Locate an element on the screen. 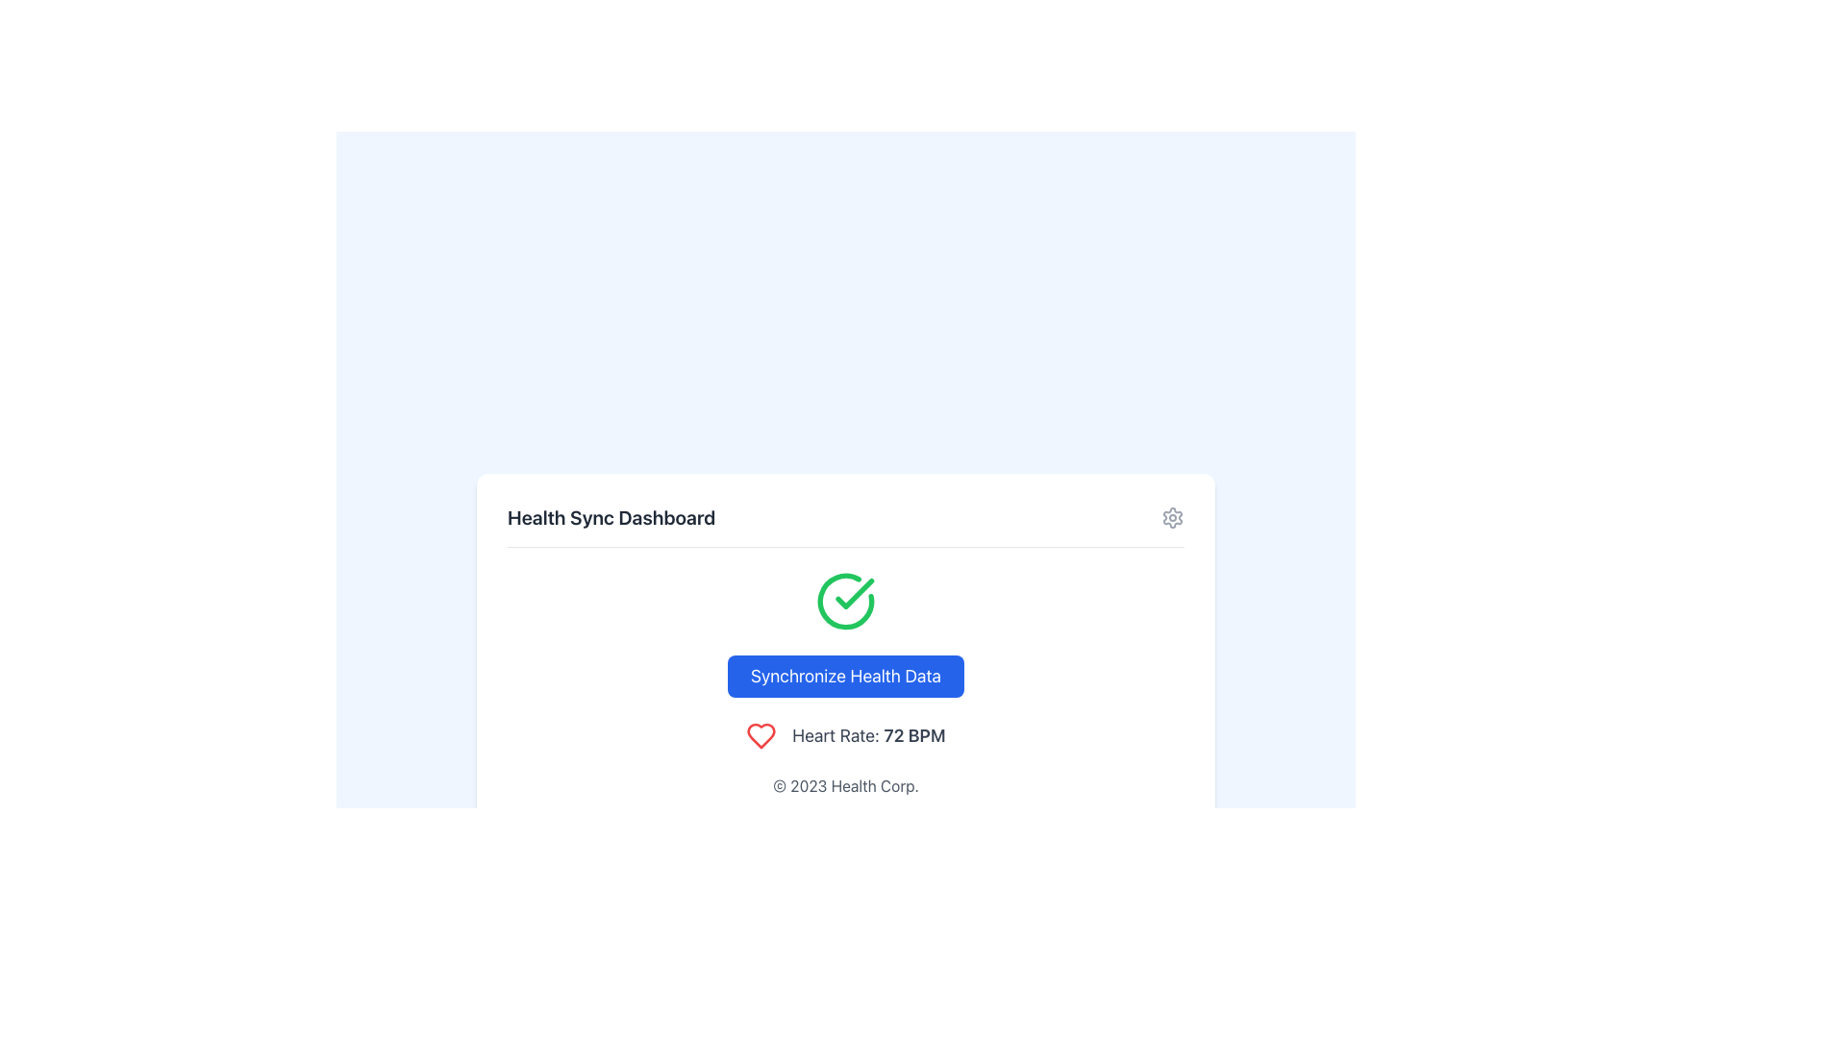 Image resolution: width=1846 pixels, height=1038 pixels. the status of the success icon located at the center-top of the health synchronization interface, above the 'Synchronize Health Data' button is located at coordinates (845, 600).